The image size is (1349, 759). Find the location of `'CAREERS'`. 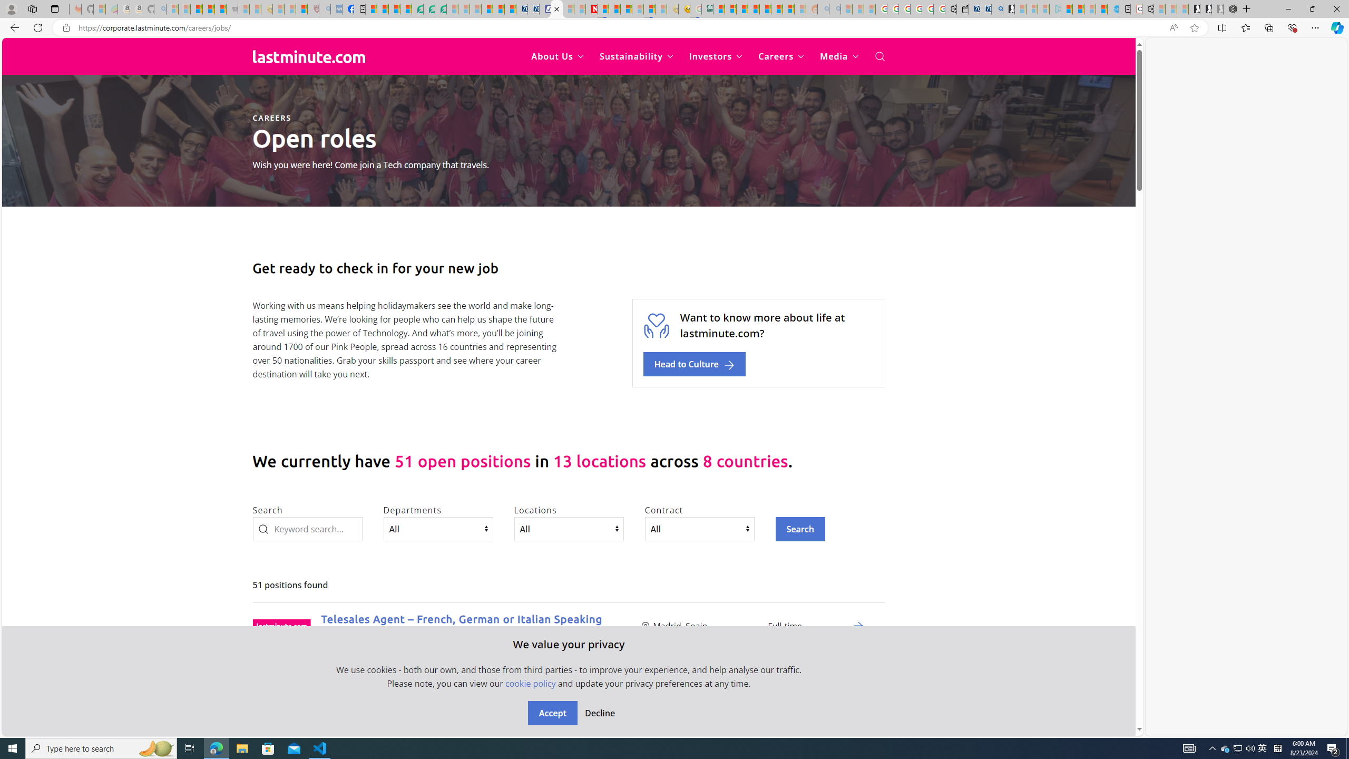

'CAREERS' is located at coordinates (271, 117).